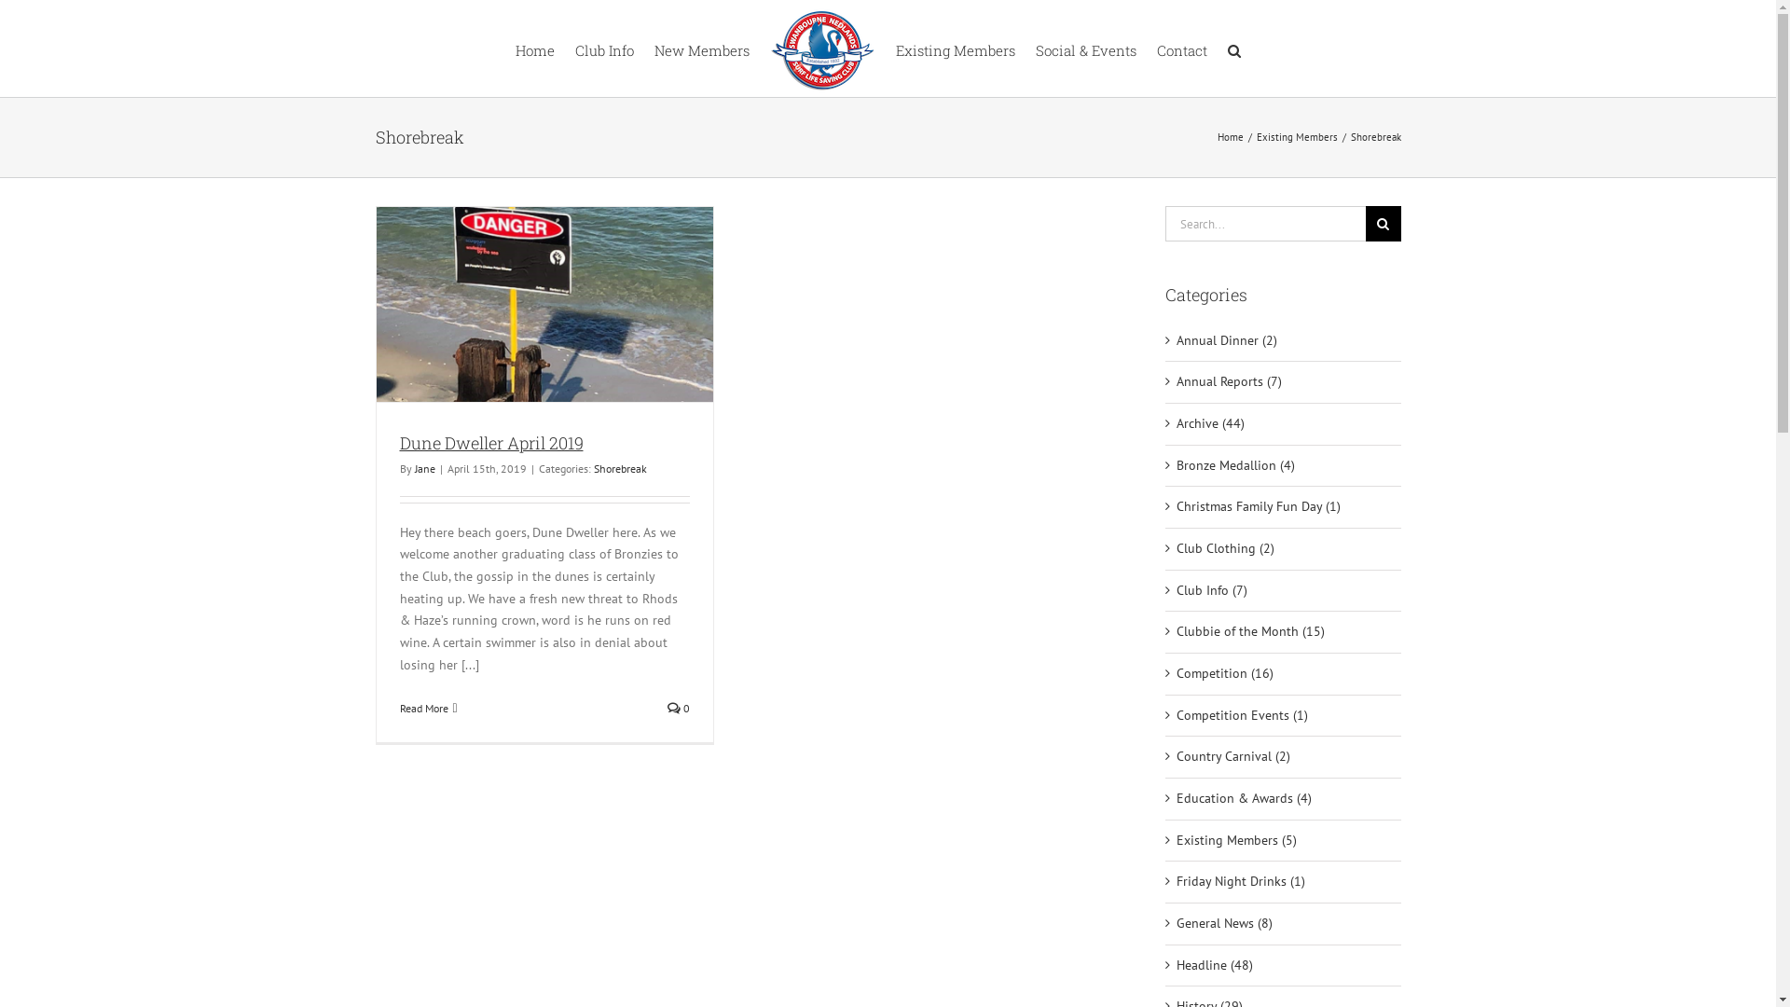 The image size is (1790, 1007). What do you see at coordinates (1283, 757) in the screenshot?
I see `'Country Carnival (2)'` at bounding box center [1283, 757].